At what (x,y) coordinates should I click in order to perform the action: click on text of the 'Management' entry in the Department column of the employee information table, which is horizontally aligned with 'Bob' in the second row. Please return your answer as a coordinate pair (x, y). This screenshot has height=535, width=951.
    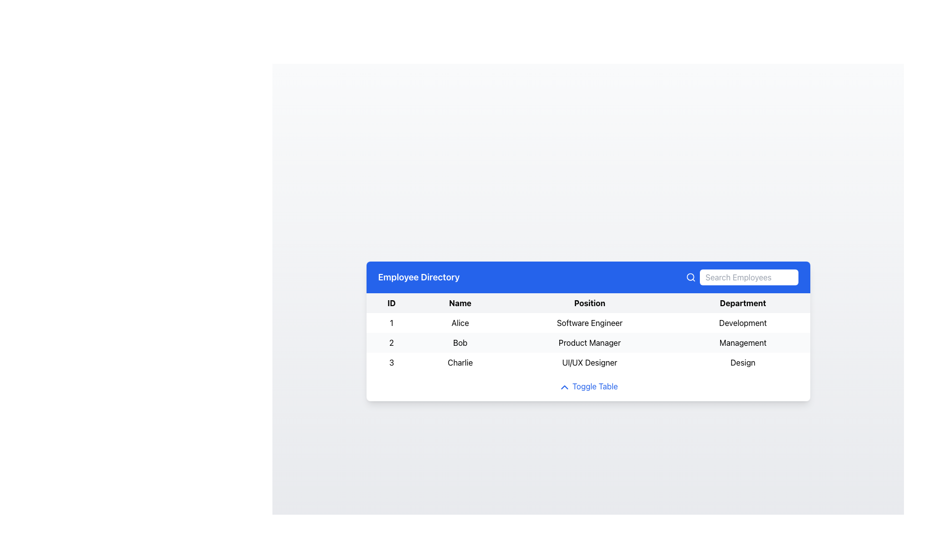
    Looking at the image, I should click on (743, 342).